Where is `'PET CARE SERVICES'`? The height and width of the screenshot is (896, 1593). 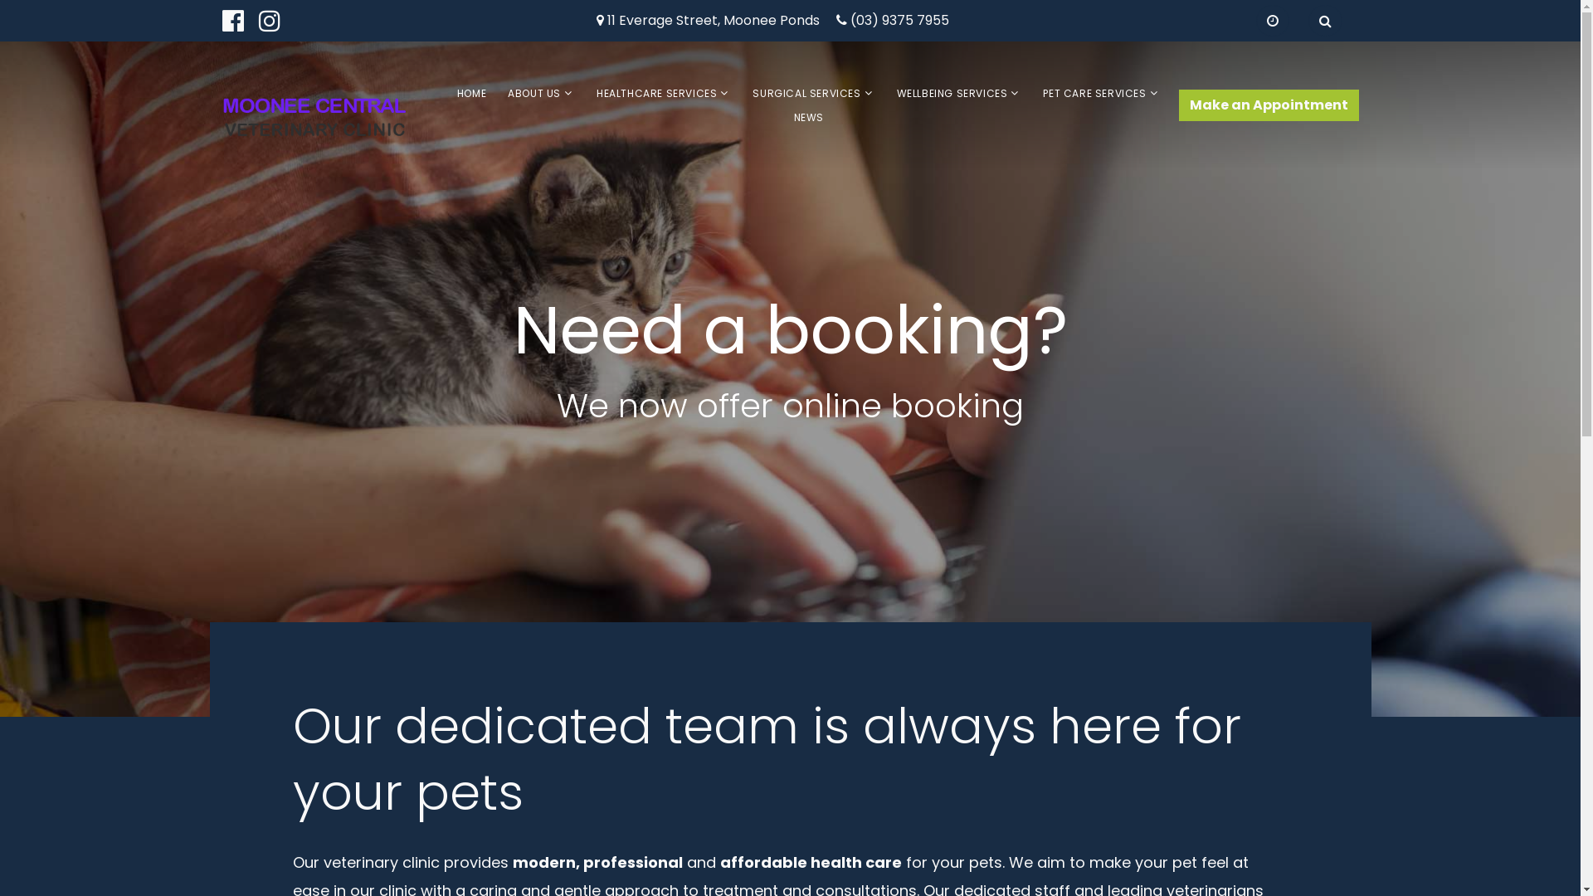
'PET CARE SERVICES' is located at coordinates (1094, 93).